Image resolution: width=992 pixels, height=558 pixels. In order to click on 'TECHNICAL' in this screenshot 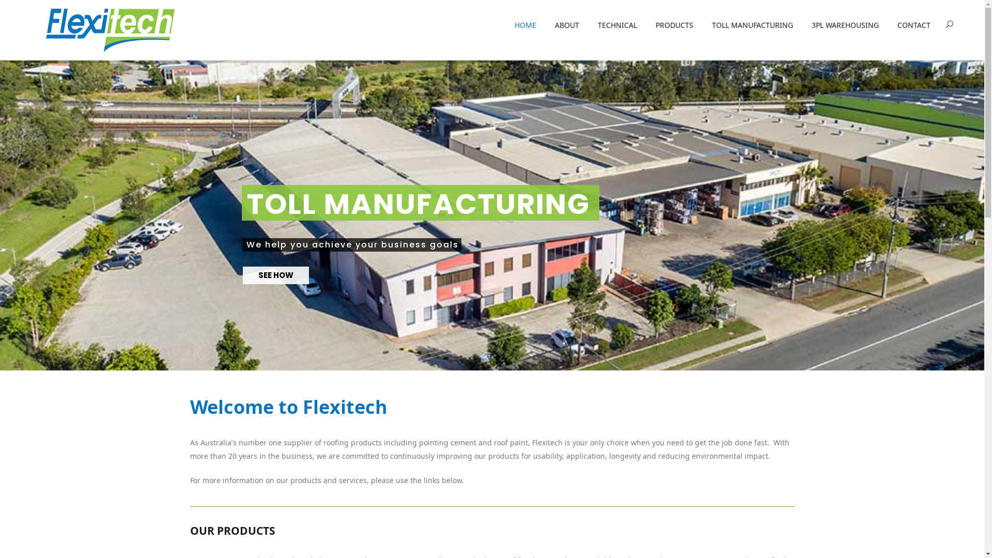, I will do `click(588, 25)`.